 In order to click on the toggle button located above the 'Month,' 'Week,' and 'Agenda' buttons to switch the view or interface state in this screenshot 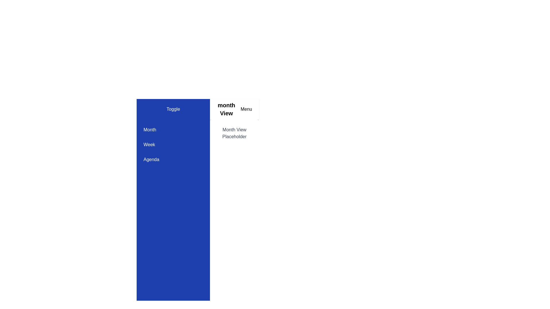, I will do `click(173, 109)`.